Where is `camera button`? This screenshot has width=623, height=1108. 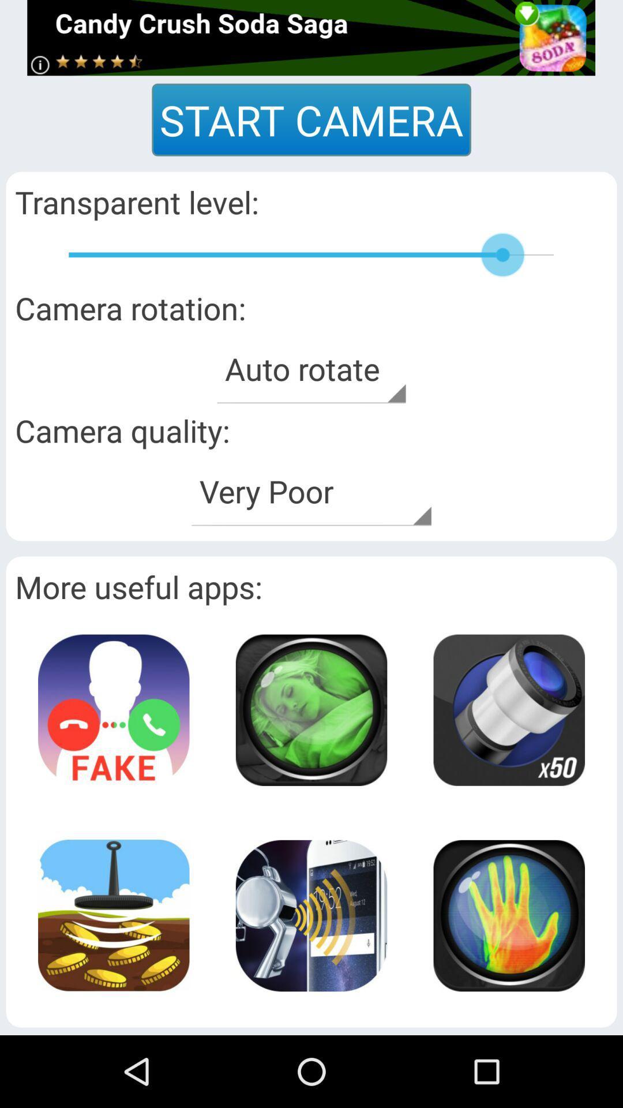 camera button is located at coordinates (310, 709).